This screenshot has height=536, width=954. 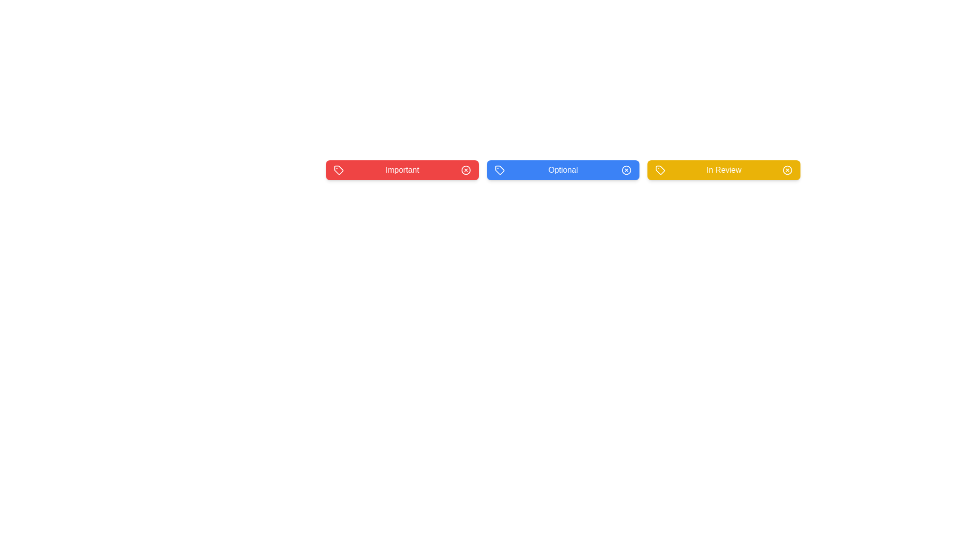 I want to click on the background of the Optional tag, so click(x=562, y=170).